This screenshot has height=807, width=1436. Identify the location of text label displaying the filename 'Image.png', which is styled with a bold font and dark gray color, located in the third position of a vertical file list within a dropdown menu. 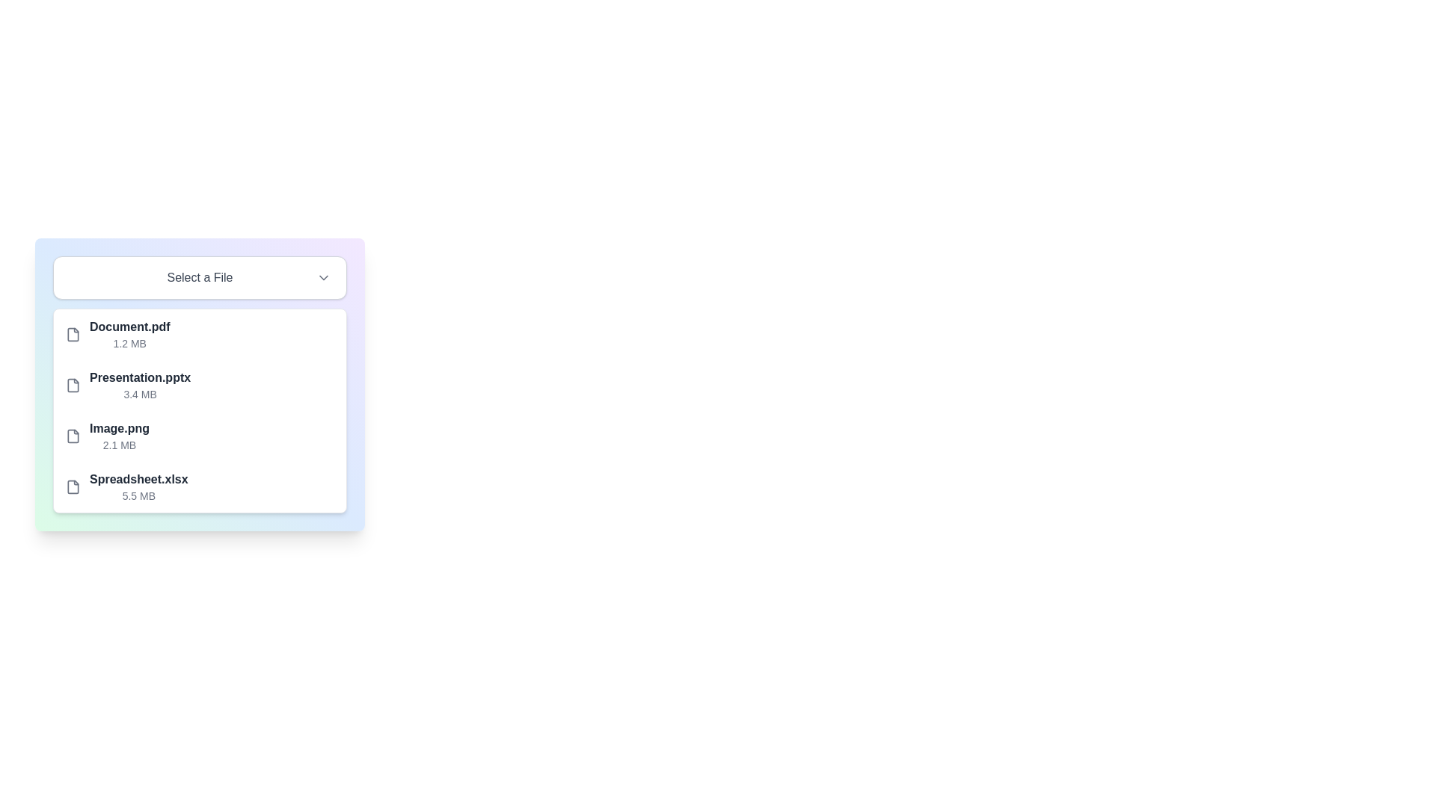
(118, 429).